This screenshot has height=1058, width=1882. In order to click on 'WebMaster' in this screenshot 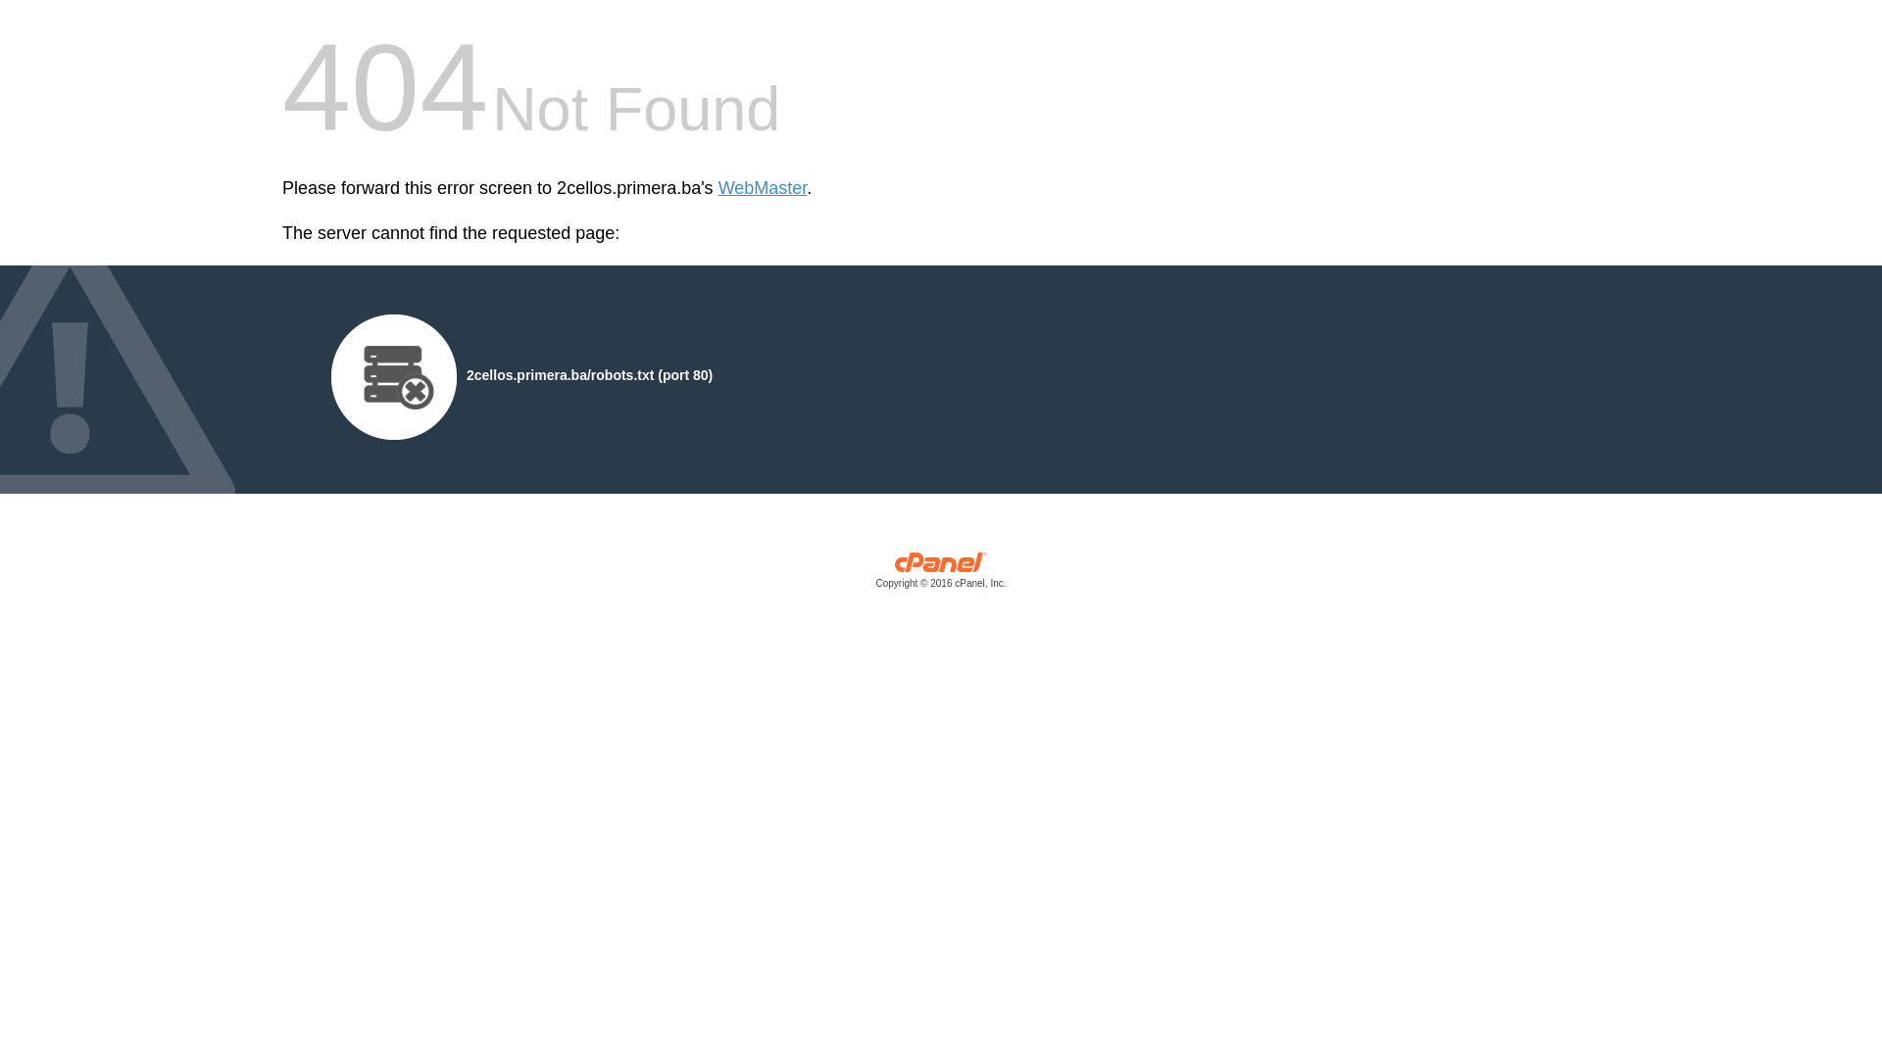, I will do `click(762, 188)`.